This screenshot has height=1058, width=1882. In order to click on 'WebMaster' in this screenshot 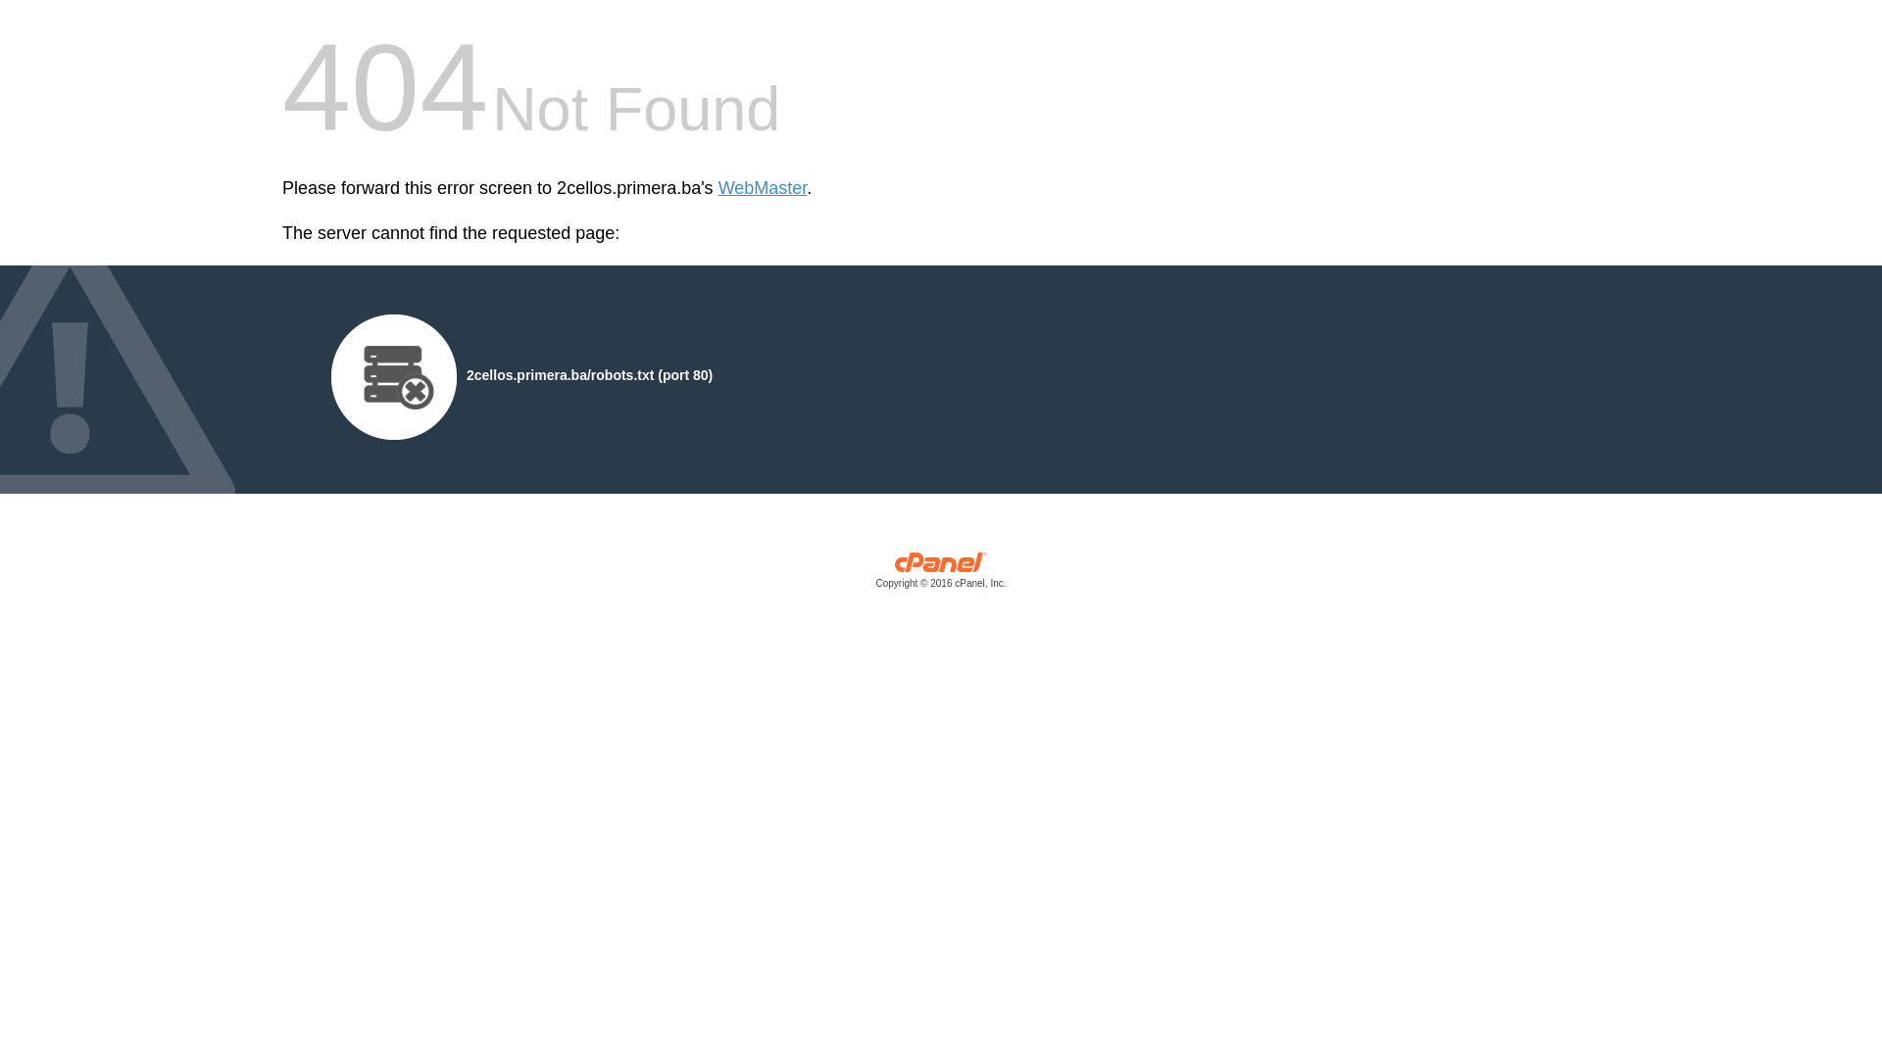, I will do `click(762, 188)`.